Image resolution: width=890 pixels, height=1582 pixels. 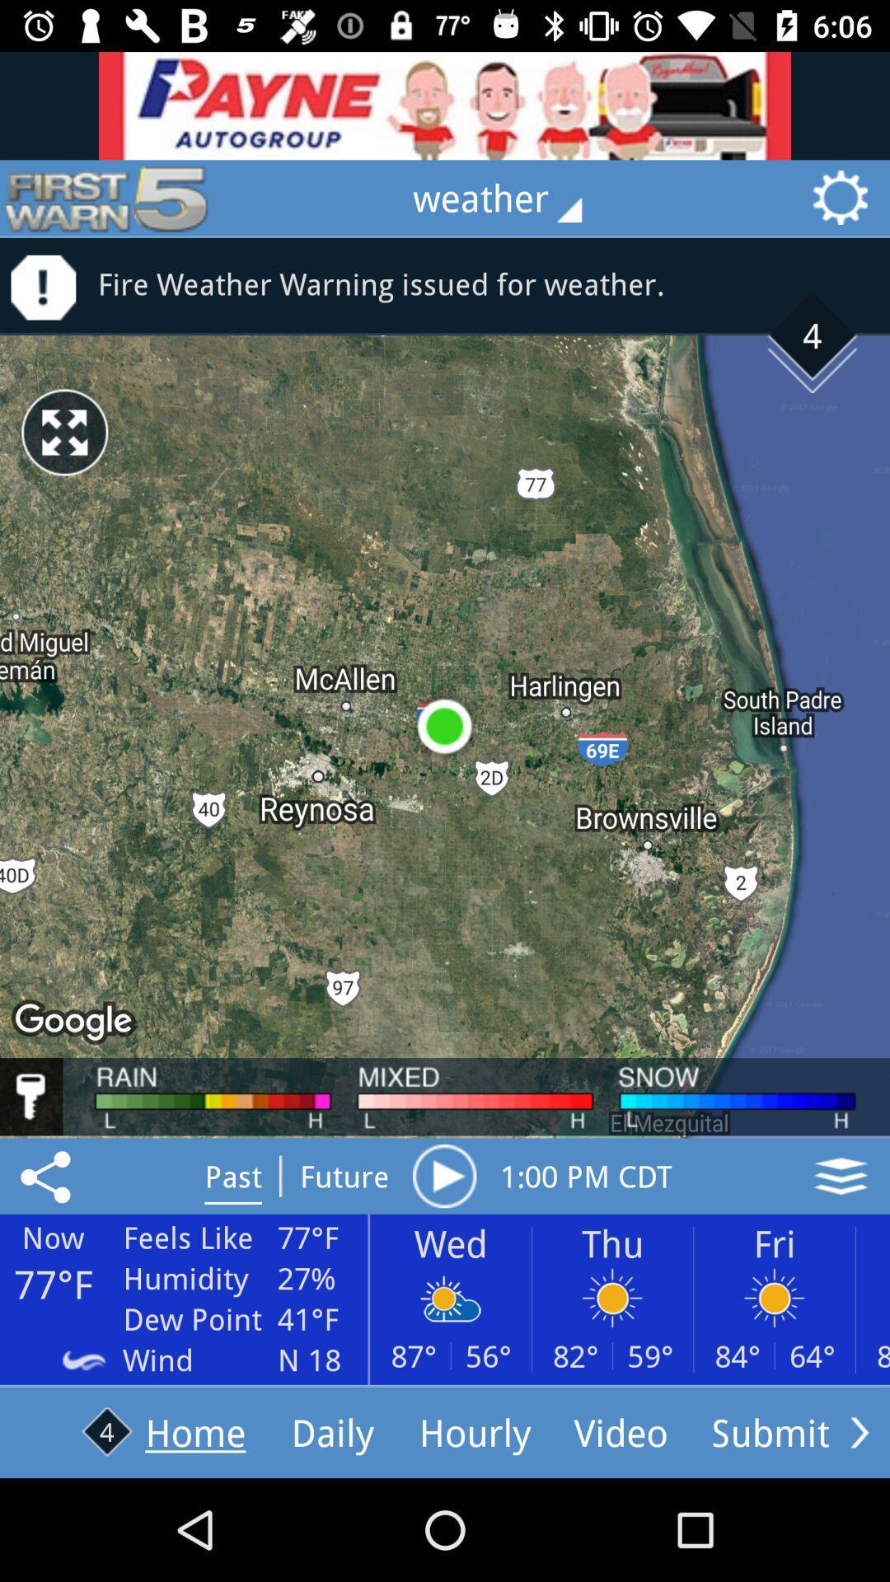 What do you see at coordinates (48, 1175) in the screenshot?
I see `share location` at bounding box center [48, 1175].